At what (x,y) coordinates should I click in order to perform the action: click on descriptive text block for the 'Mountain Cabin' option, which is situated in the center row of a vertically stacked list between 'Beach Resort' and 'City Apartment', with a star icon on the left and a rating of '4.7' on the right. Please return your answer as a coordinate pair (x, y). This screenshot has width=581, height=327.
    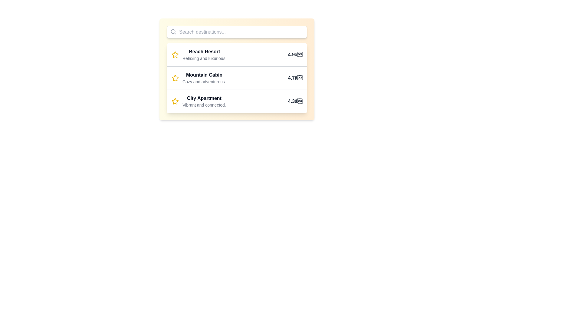
    Looking at the image, I should click on (204, 78).